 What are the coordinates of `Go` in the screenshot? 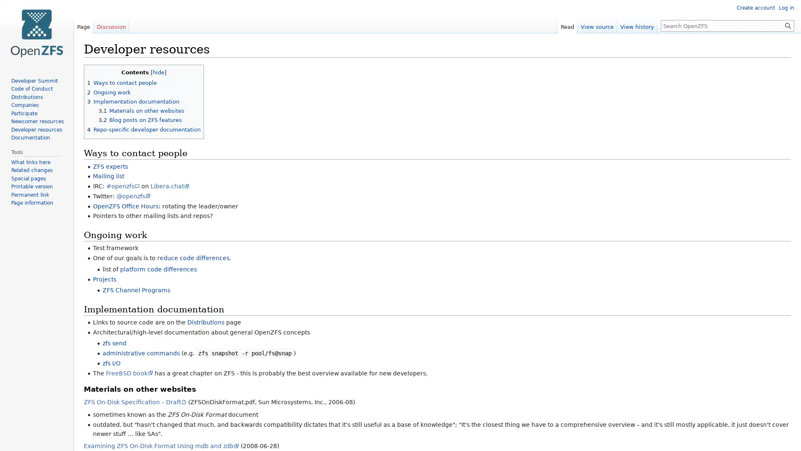 It's located at (788, 25).